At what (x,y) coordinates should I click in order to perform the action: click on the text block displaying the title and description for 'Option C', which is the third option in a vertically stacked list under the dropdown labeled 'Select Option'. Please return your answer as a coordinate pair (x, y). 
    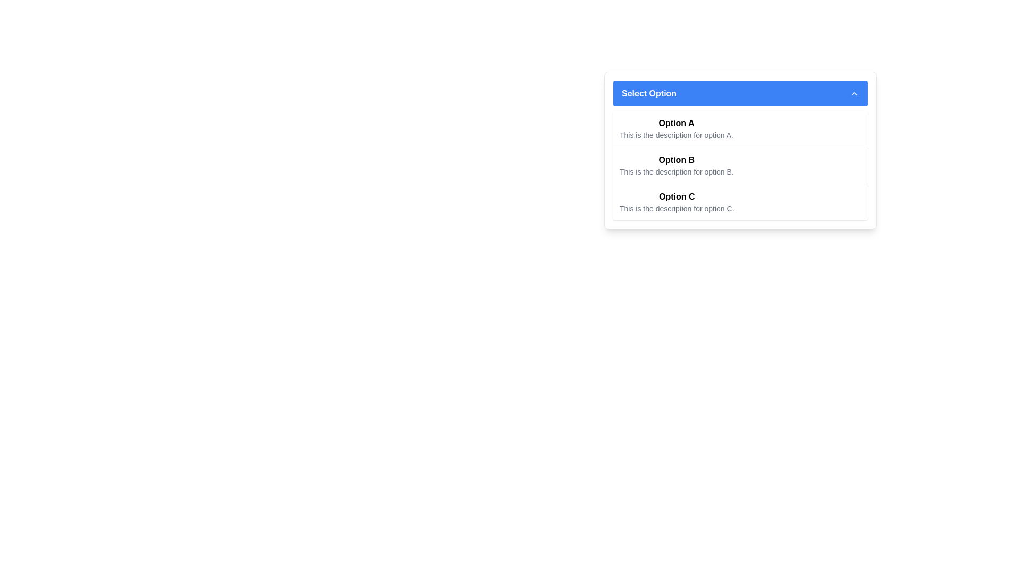
    Looking at the image, I should click on (676, 202).